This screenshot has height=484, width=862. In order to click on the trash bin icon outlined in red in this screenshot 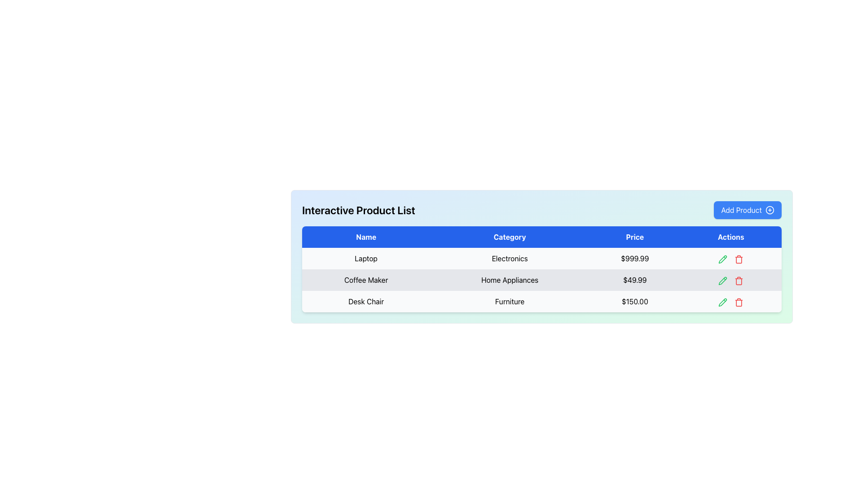, I will do `click(739, 259)`.